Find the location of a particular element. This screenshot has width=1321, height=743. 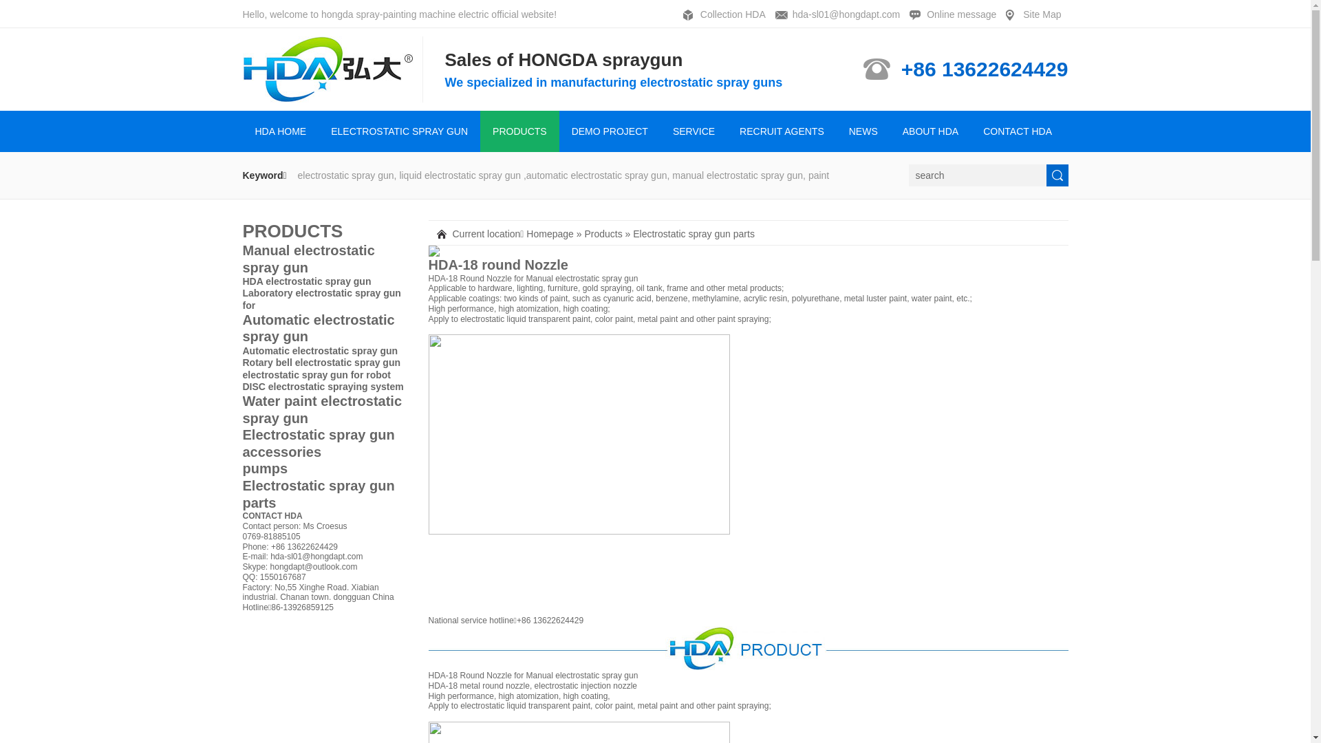

'Automatic electrostatic spray gun' is located at coordinates (325, 328).